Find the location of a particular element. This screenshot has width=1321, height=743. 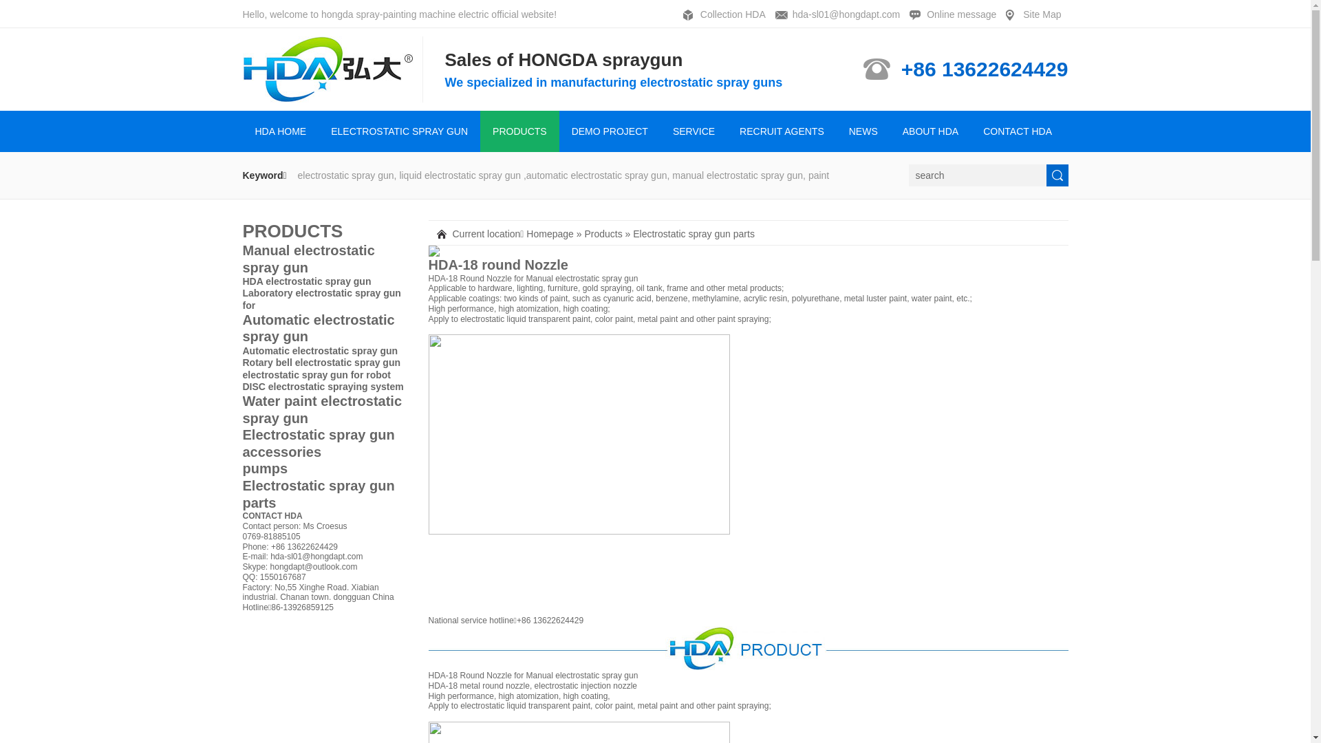

'Automatic electrostatic spray gun' is located at coordinates (325, 328).